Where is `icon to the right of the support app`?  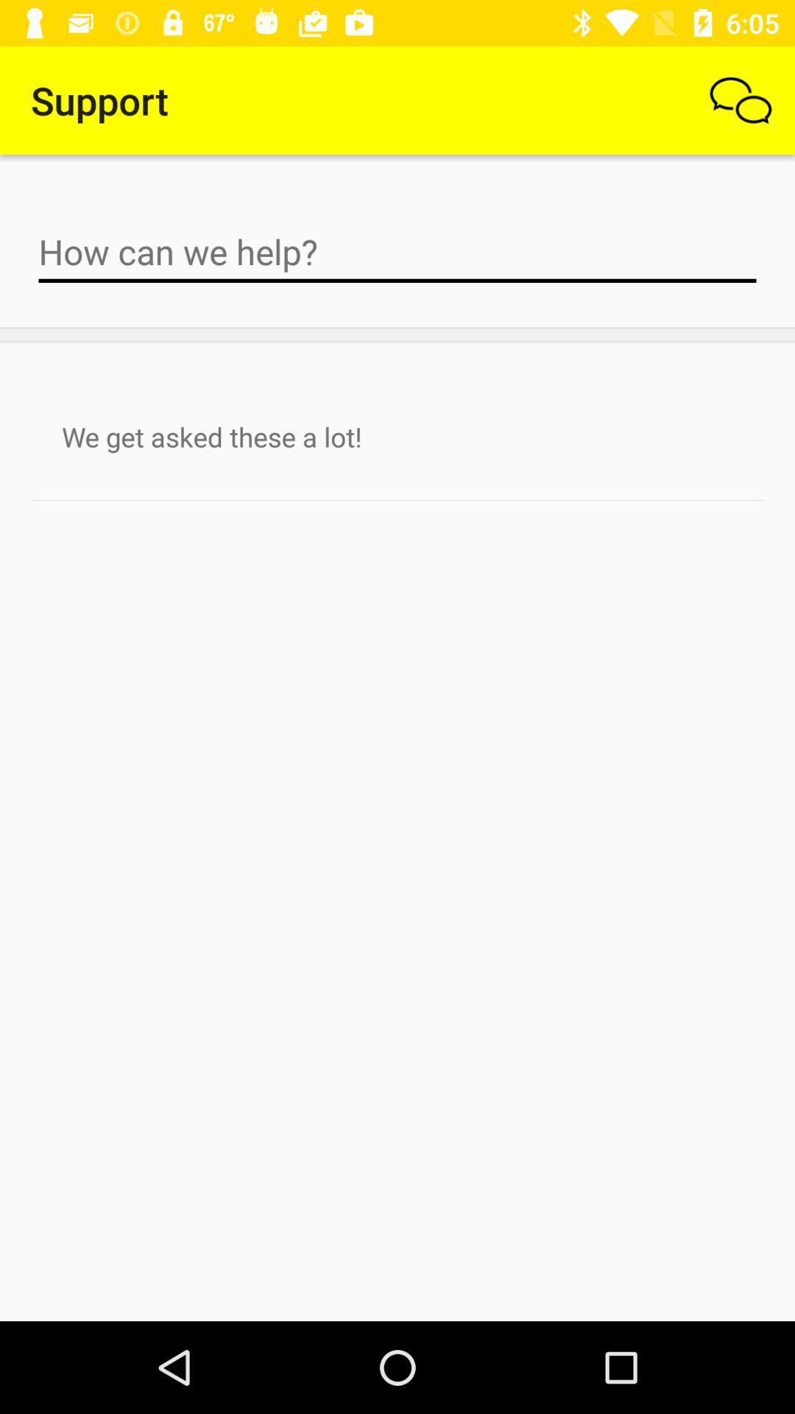
icon to the right of the support app is located at coordinates (741, 99).